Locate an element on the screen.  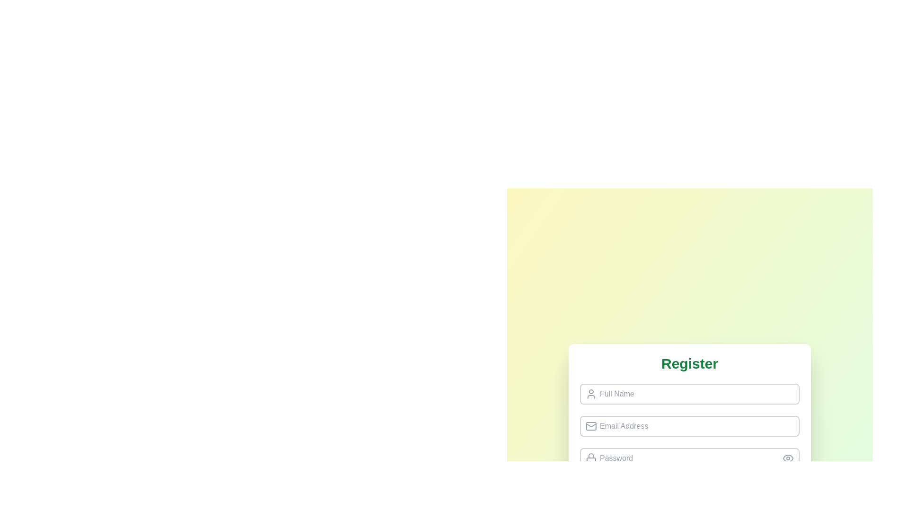
the envelope icon located within the 'Email Address' input field, positioned to the left of the input text area is located at coordinates (590, 424).